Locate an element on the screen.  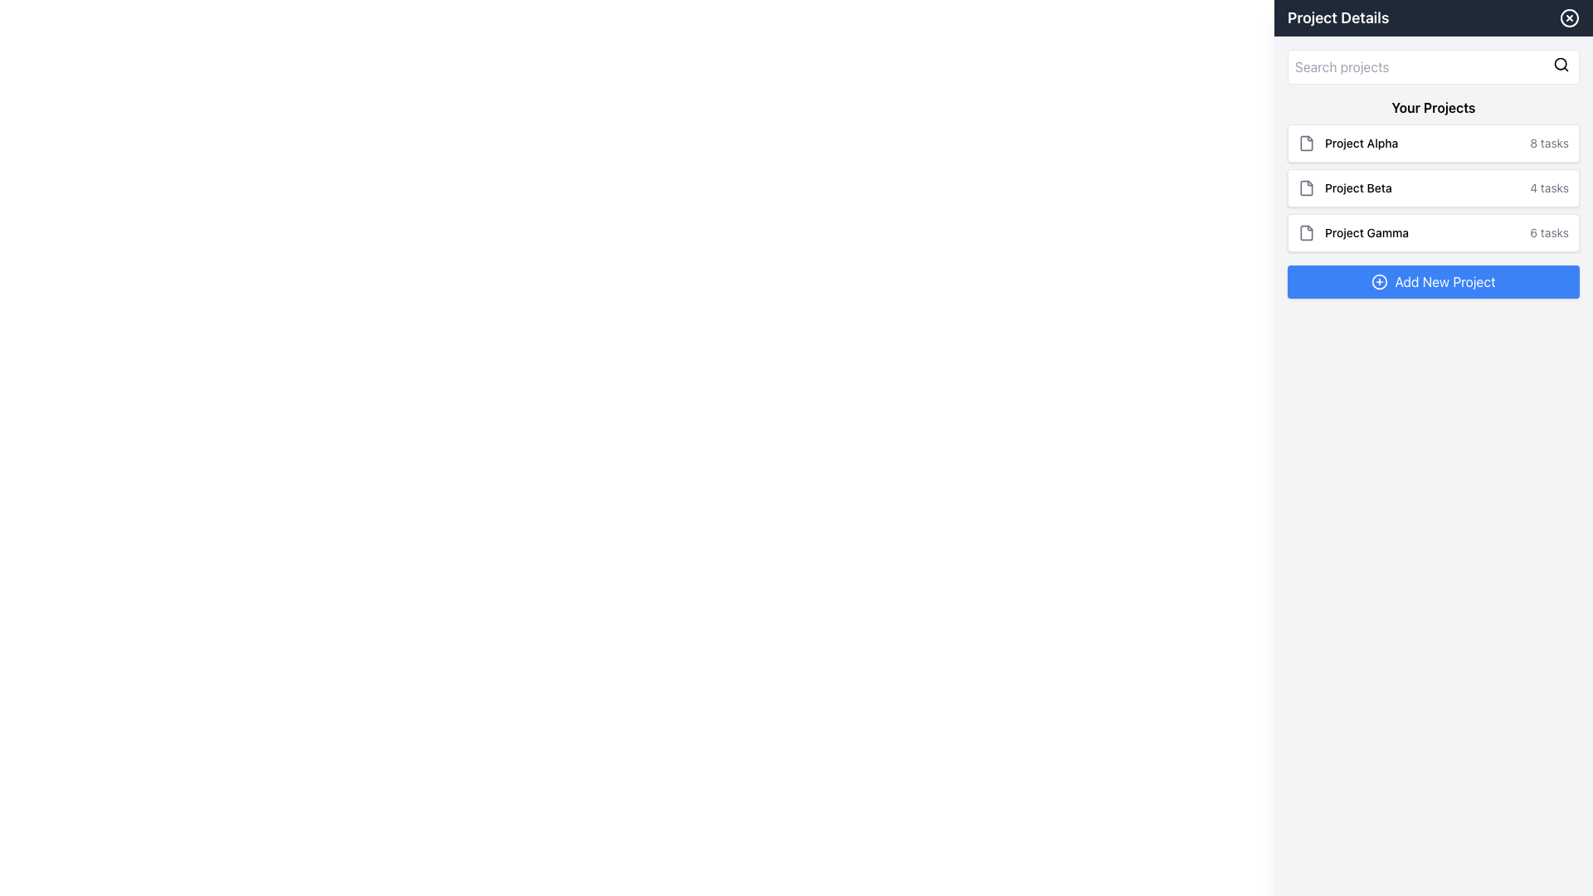
the graphical vector circle element located in the top-right corner of the 'Project Details' header, which is part of the close or delete icon is located at coordinates (1568, 18).